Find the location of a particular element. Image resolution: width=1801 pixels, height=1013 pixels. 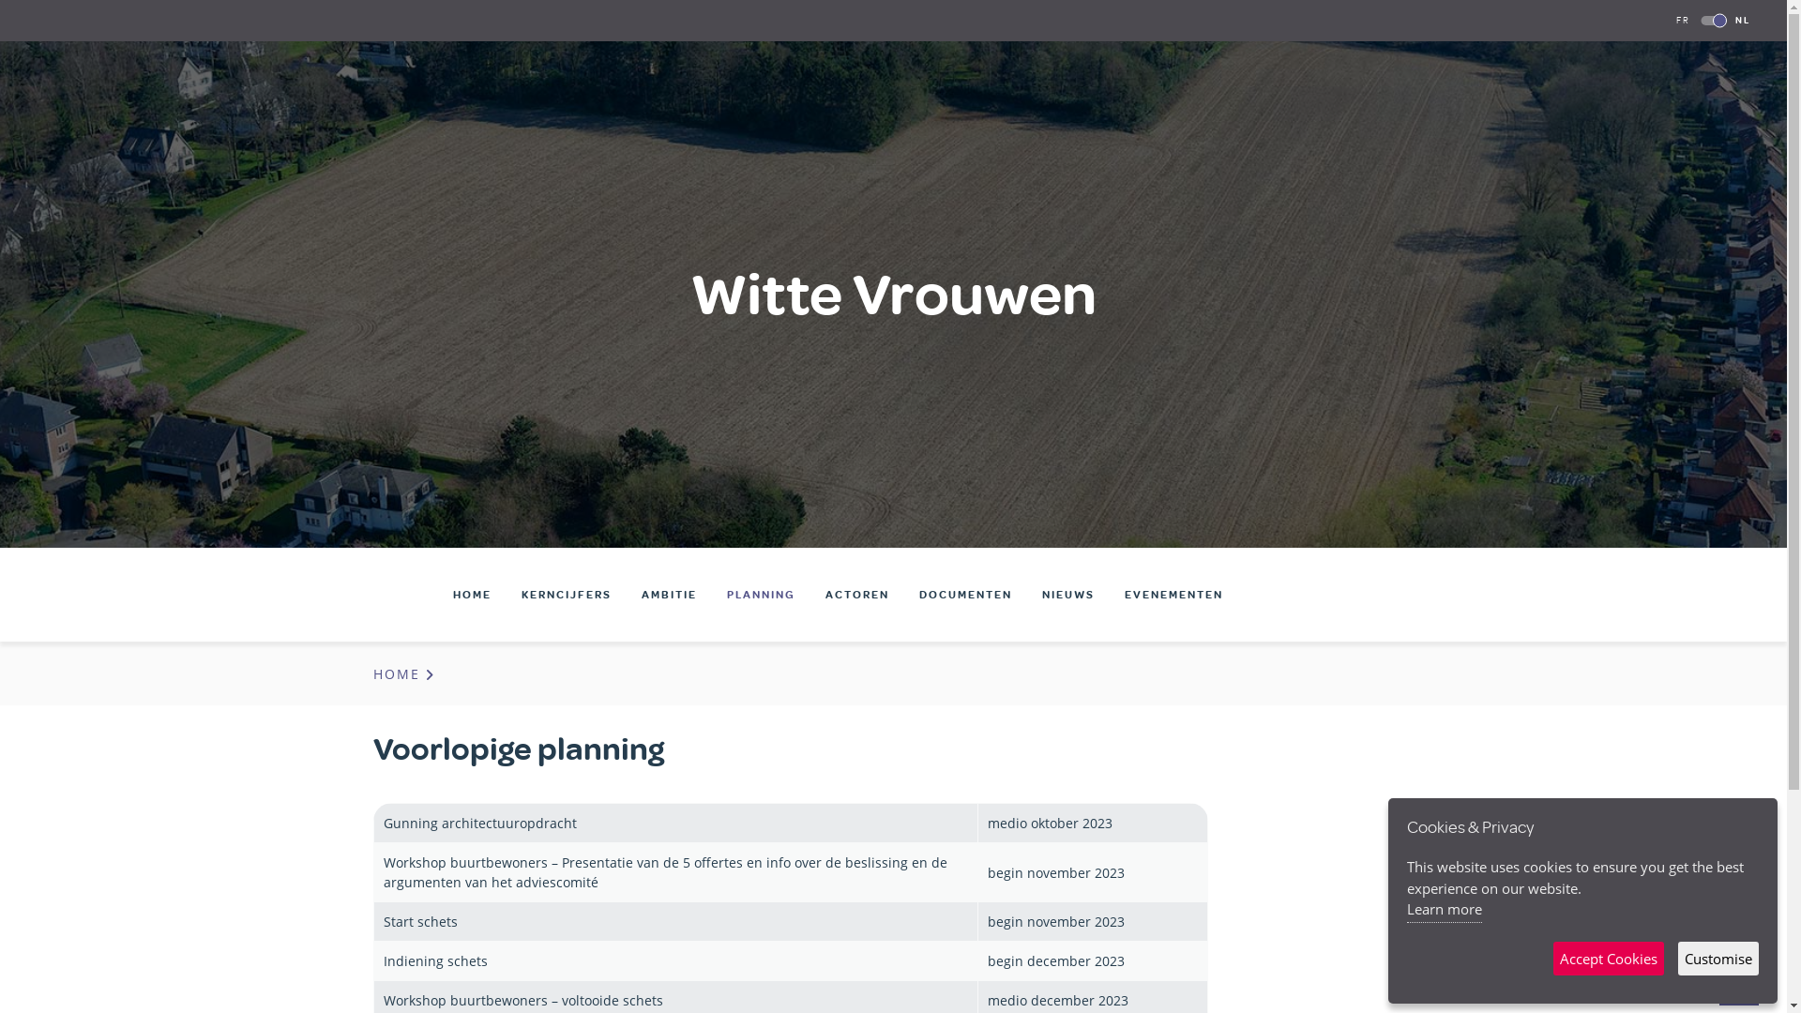

'PLANNING' is located at coordinates (761, 594).